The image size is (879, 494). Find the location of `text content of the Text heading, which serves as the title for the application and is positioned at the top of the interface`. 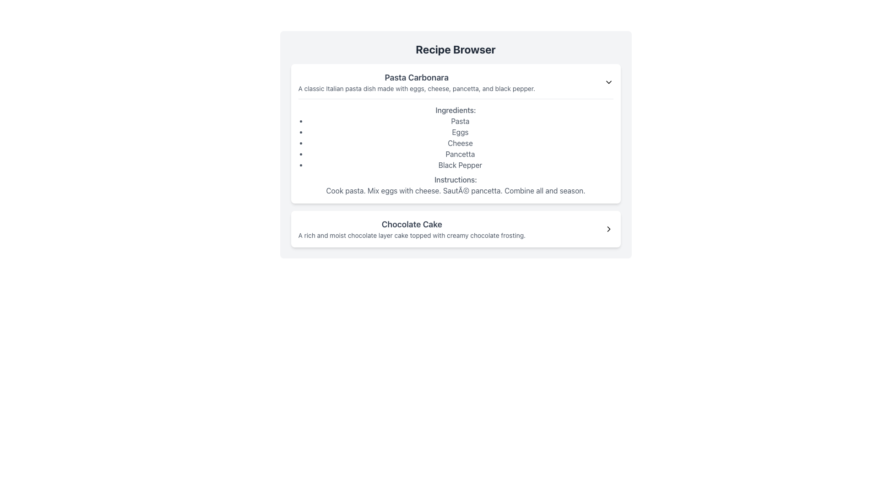

text content of the Text heading, which serves as the title for the application and is positioned at the top of the interface is located at coordinates (456, 49).